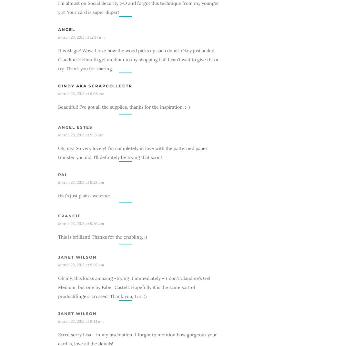 This screenshot has width=355, height=346. I want to click on 'March 23, 2013 at 9:26 am', so click(57, 223).